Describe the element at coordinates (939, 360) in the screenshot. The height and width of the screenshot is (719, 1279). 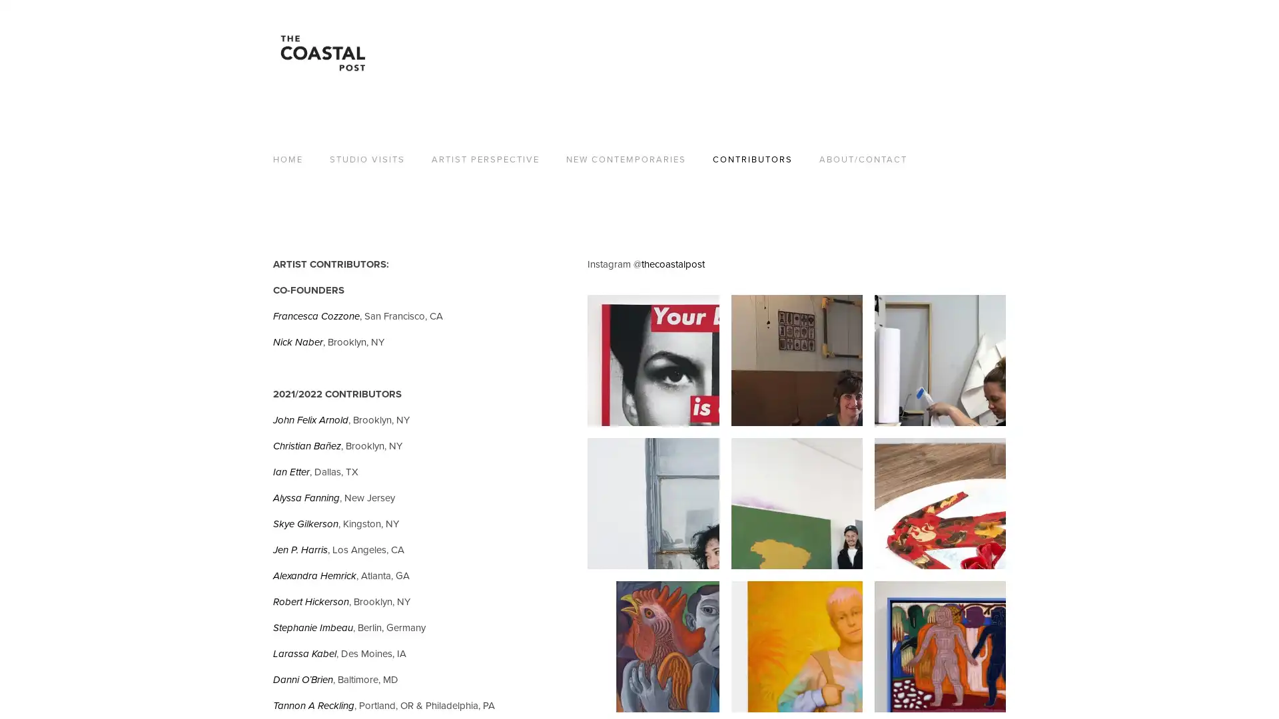
I see `View fullsize Coastal Post contributor John Felix Arnold caught up with Shelley Smith recently for a studio visit at her space in Anchorlight in Raleigh, NC. Smith is an artist, curator, and the program director of Anchorlight, a multi-faceted arts organization, g` at that location.